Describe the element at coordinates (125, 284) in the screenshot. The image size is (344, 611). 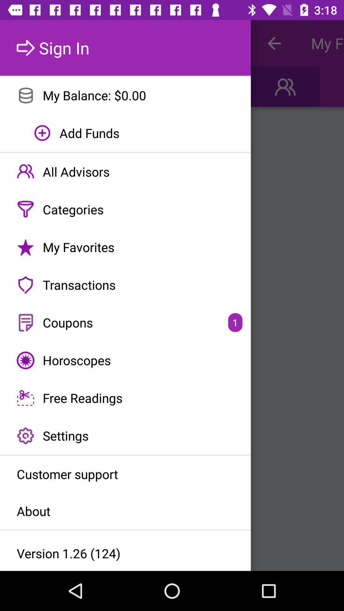
I see `the icon above the coupons item` at that location.